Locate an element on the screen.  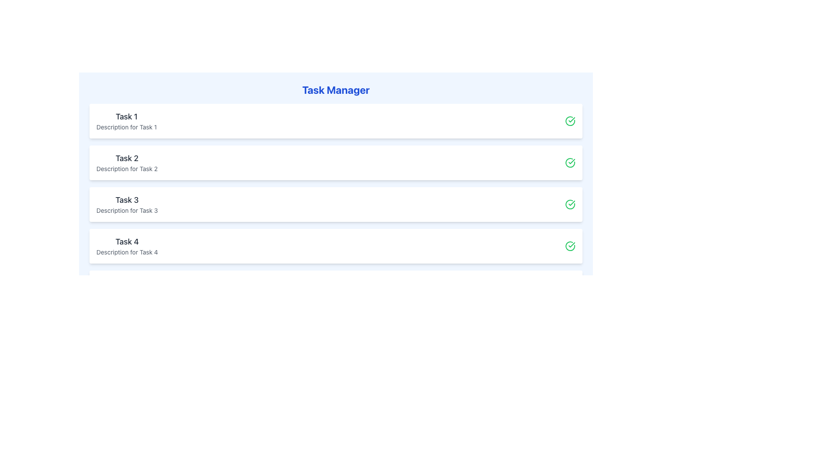
the informational Text Label located beneath 'Task 2' in the task list is located at coordinates (126, 169).